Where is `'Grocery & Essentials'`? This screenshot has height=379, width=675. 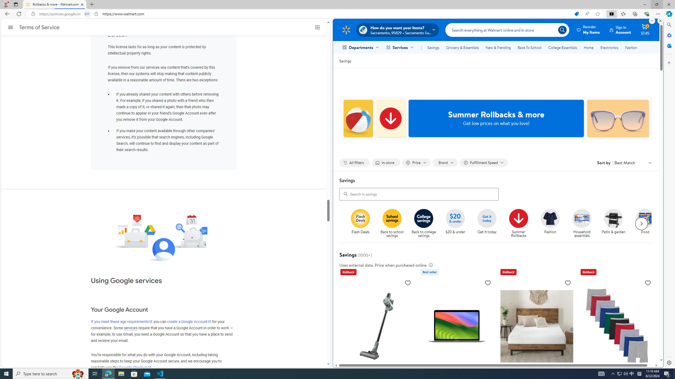 'Grocery & Essentials' is located at coordinates (462, 47).